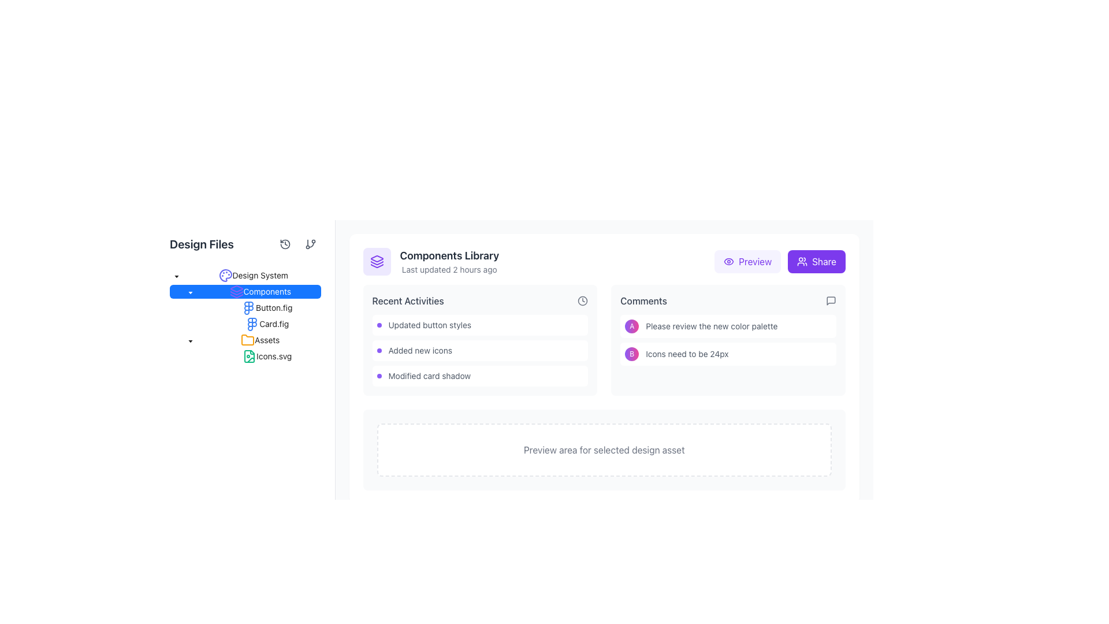 Image resolution: width=1109 pixels, height=624 pixels. Describe the element at coordinates (449, 255) in the screenshot. I see `the heading element that describes the 'Components Library' section, located at the top-left corner of the panel` at that location.